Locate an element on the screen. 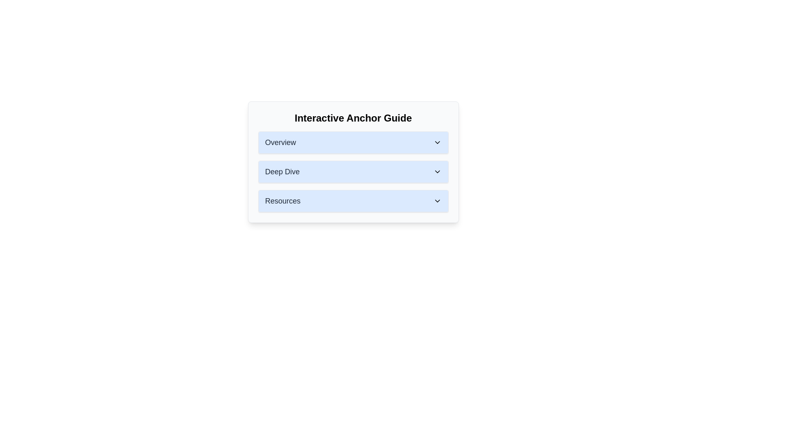 The image size is (791, 445). the central accordion menu element titled 'Interactive Anchor Guide', which serves as a navigational guide or organized list of sections is located at coordinates (353, 162).